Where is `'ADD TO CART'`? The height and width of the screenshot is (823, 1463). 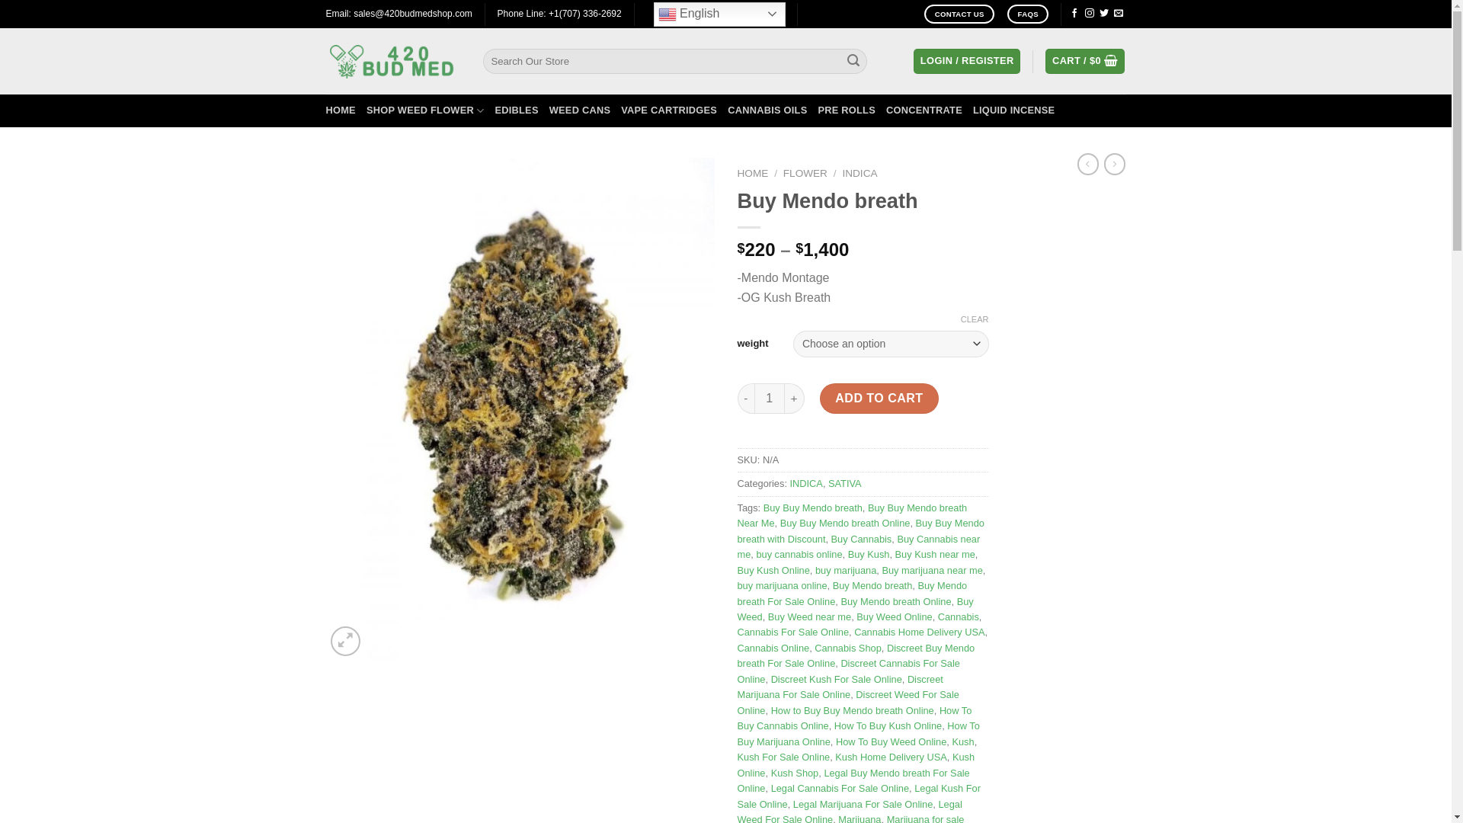 'ADD TO CART' is located at coordinates (879, 398).